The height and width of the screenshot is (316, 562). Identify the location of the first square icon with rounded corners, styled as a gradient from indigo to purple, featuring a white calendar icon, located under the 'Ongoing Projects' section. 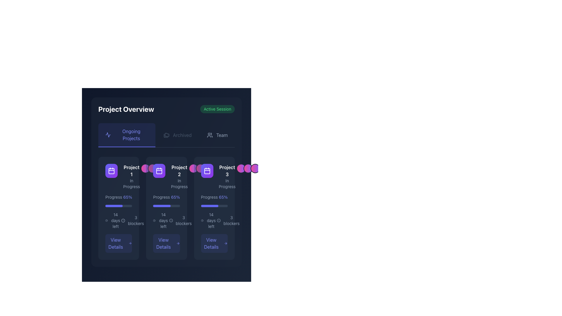
(111, 171).